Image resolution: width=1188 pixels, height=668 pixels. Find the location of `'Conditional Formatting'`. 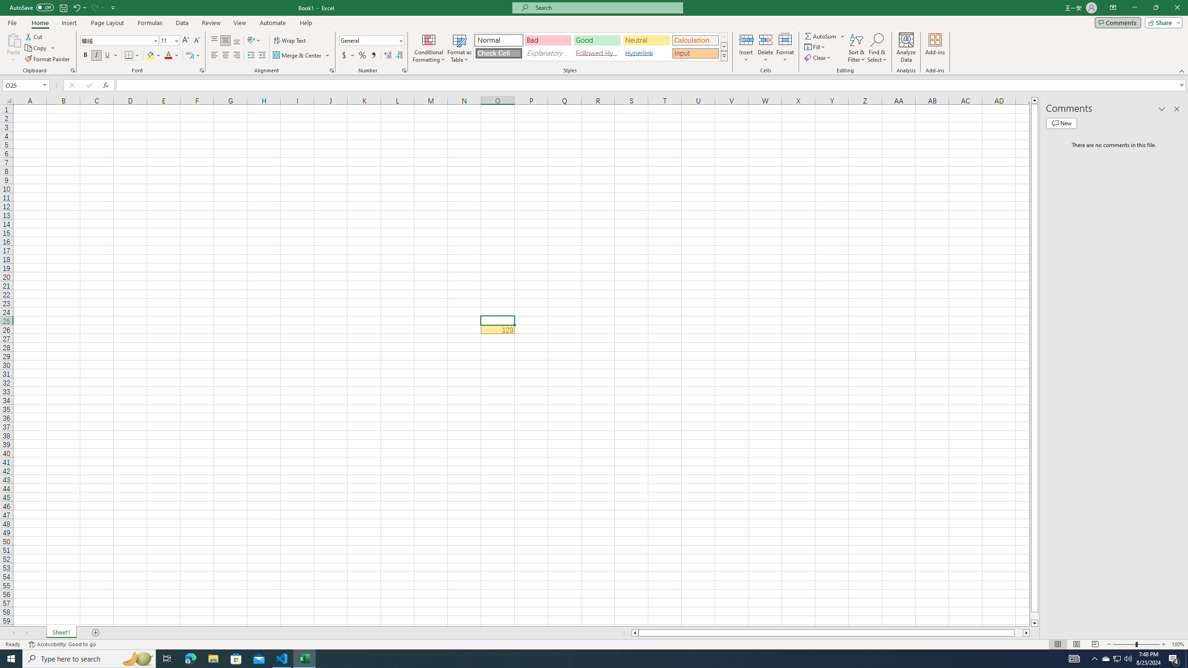

'Conditional Formatting' is located at coordinates (429, 48).